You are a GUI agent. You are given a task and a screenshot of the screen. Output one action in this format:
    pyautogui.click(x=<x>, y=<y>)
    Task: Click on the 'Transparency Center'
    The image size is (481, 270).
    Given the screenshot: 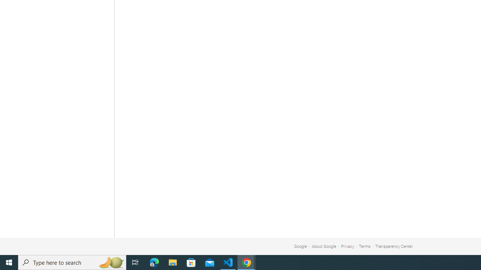 What is the action you would take?
    pyautogui.click(x=393, y=246)
    